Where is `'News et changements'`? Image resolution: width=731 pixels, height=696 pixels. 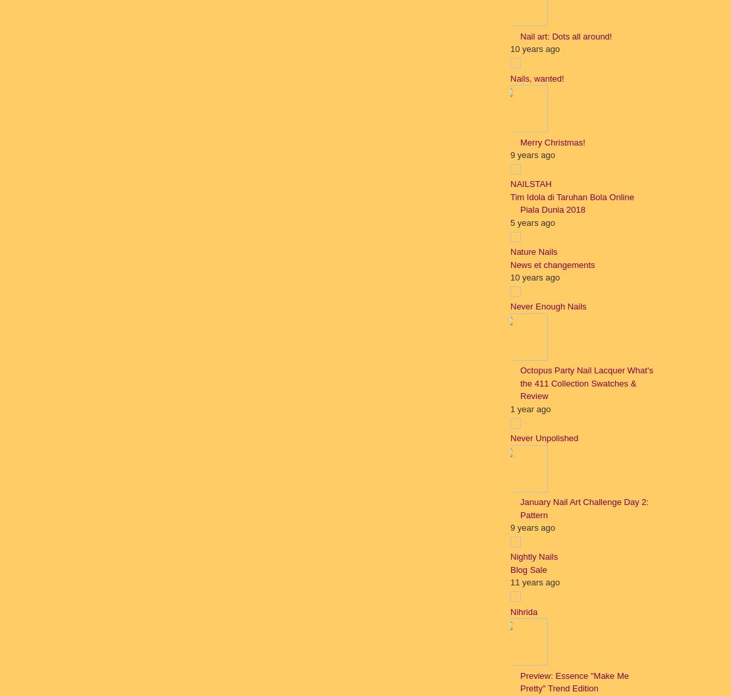 'News et changements' is located at coordinates (552, 263).